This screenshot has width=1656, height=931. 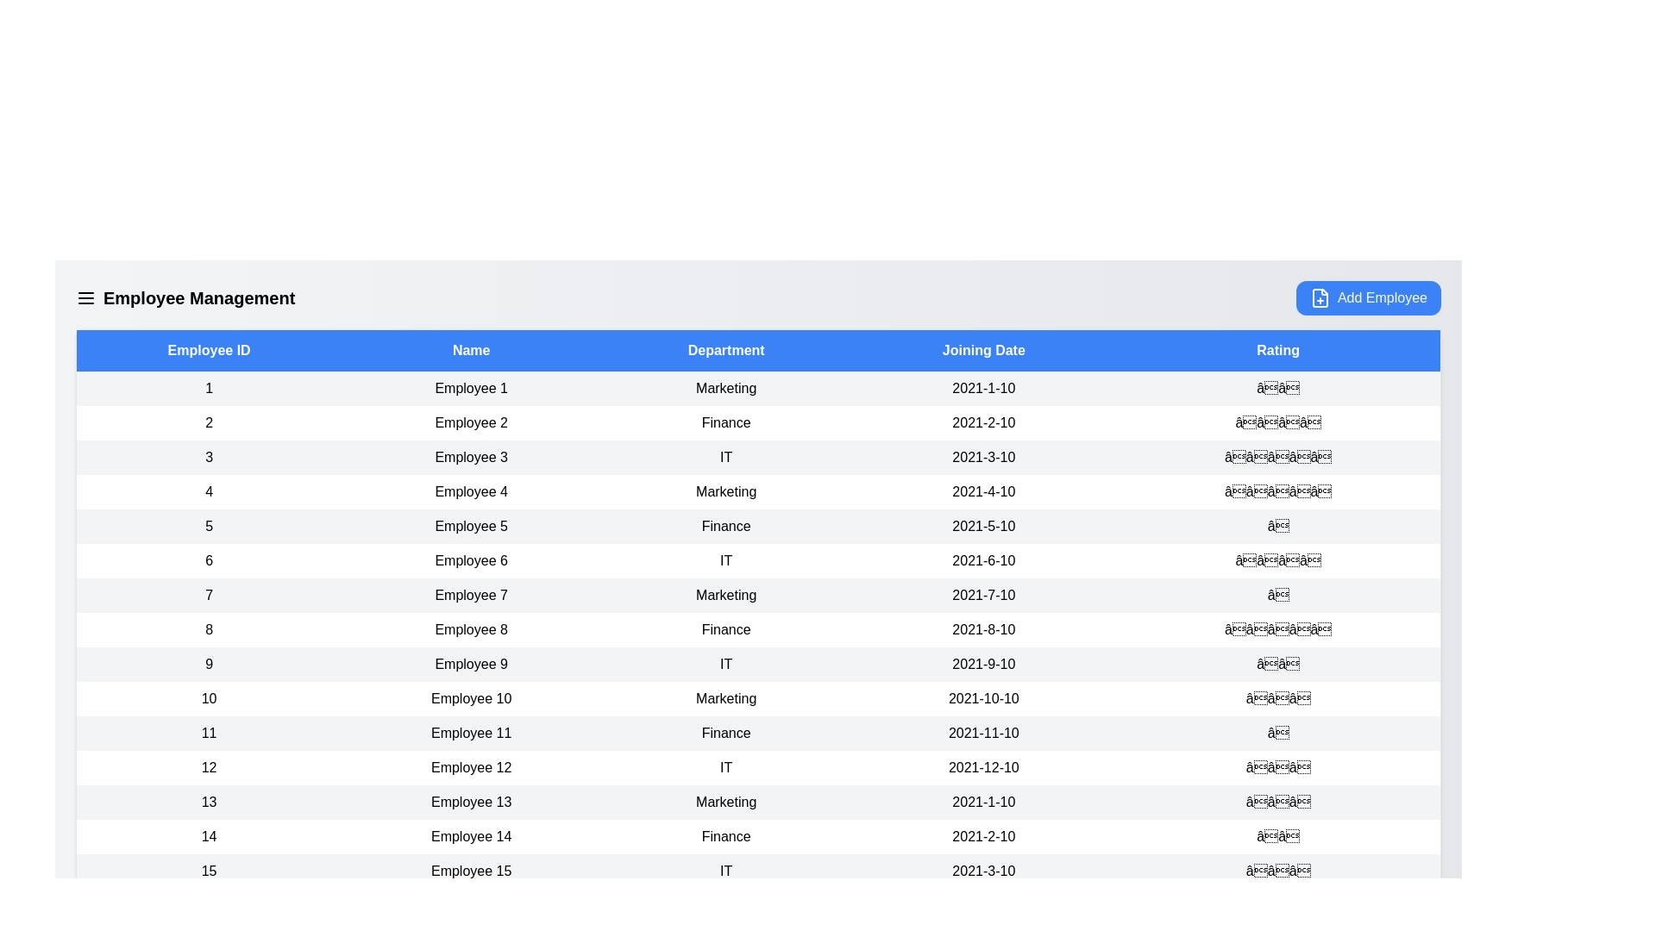 What do you see at coordinates (725, 350) in the screenshot?
I see `the header of the table to sort the data by Department` at bounding box center [725, 350].